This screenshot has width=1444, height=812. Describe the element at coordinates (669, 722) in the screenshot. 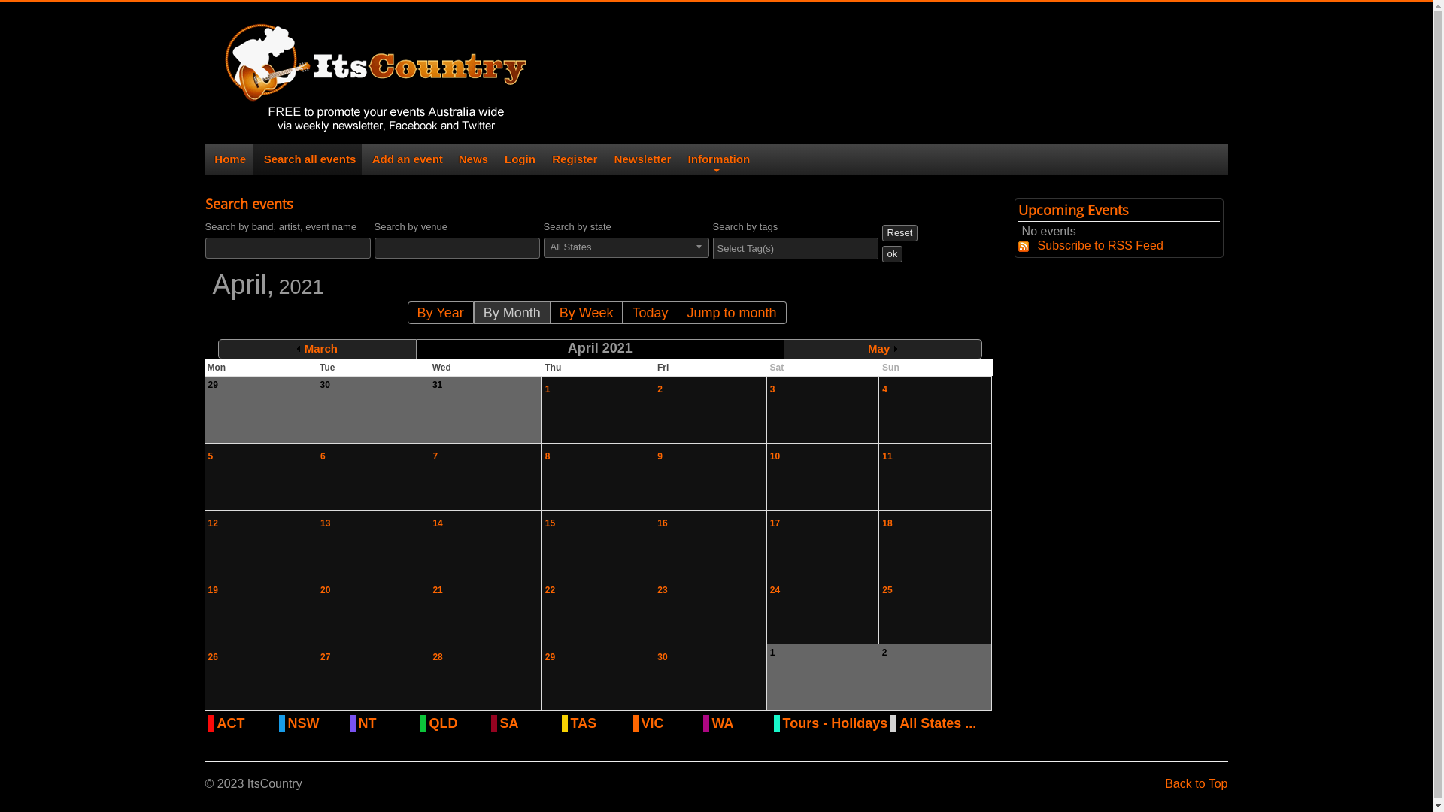

I see `'VIC'` at that location.